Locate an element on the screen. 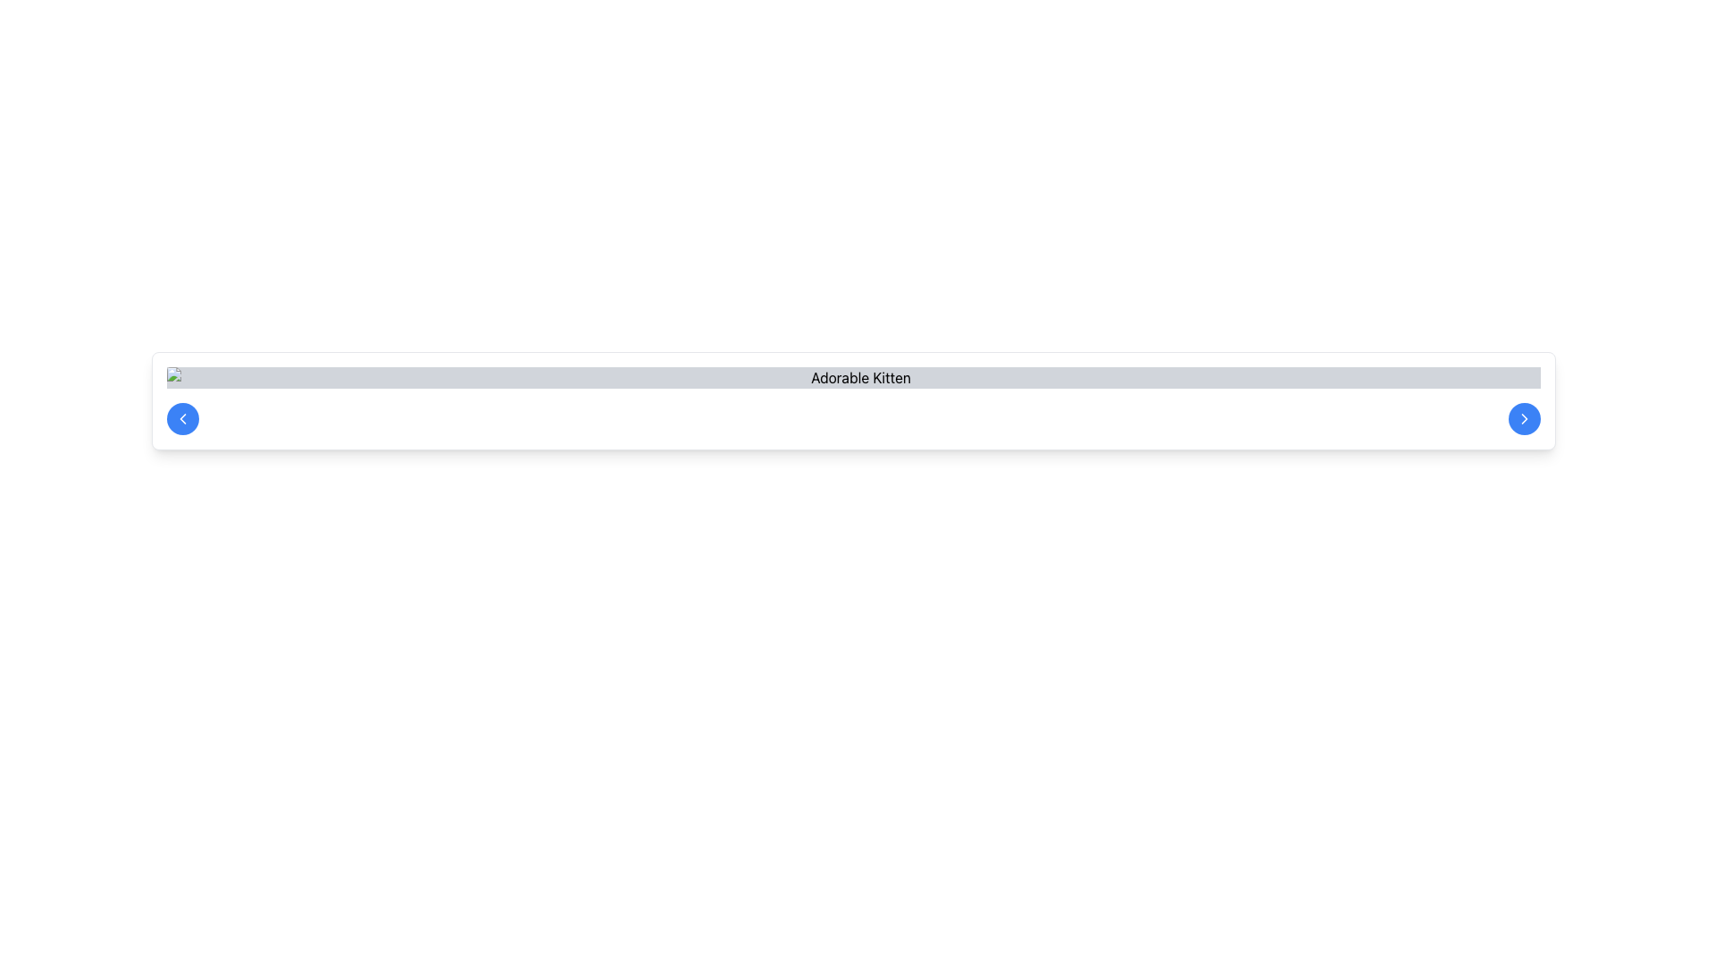 This screenshot has width=1715, height=965. the right-pointing chevron arrow icon with a blue-filled circular background, located at the far right end of the interface, adjacent to the 'Adorable Kitten' label is located at coordinates (1524, 419).